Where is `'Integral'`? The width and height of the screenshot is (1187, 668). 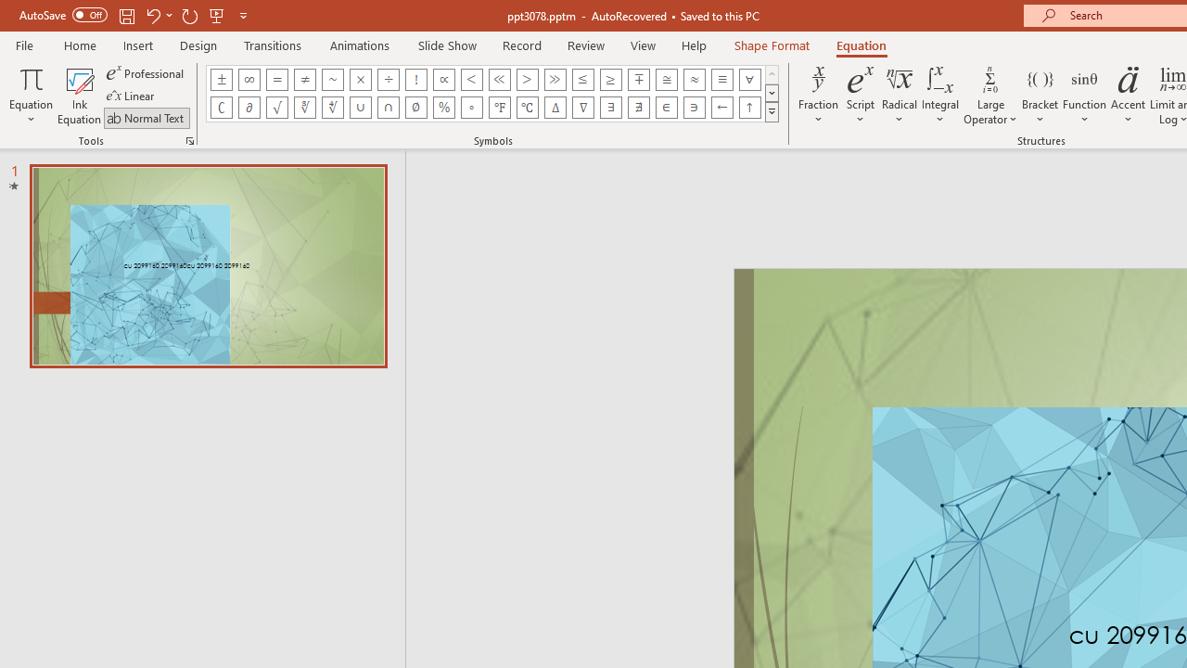
'Integral' is located at coordinates (940, 96).